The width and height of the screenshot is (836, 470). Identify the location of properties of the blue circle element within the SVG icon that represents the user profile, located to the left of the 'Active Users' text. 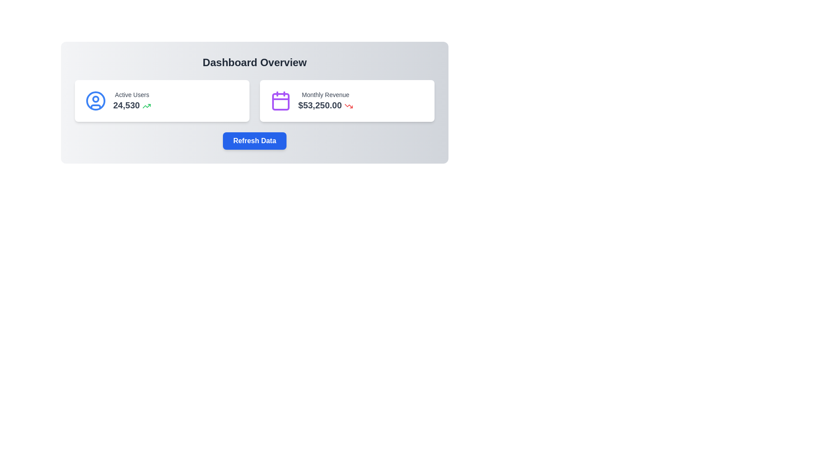
(96, 100).